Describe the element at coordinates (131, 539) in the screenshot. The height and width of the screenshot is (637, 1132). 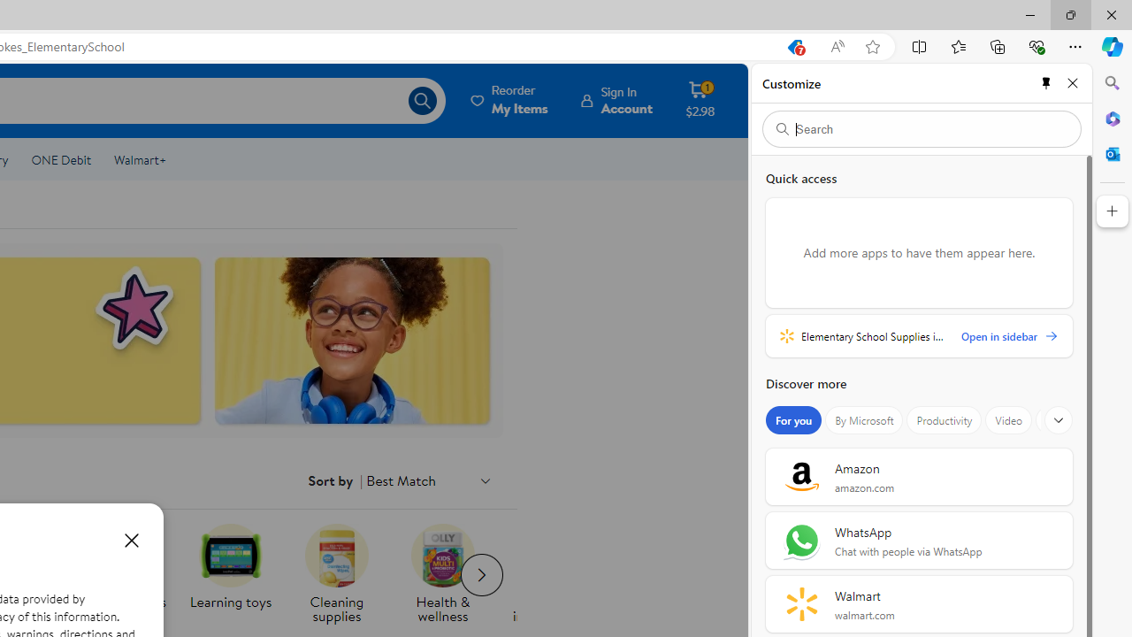
I see `'Close dialog'` at that location.